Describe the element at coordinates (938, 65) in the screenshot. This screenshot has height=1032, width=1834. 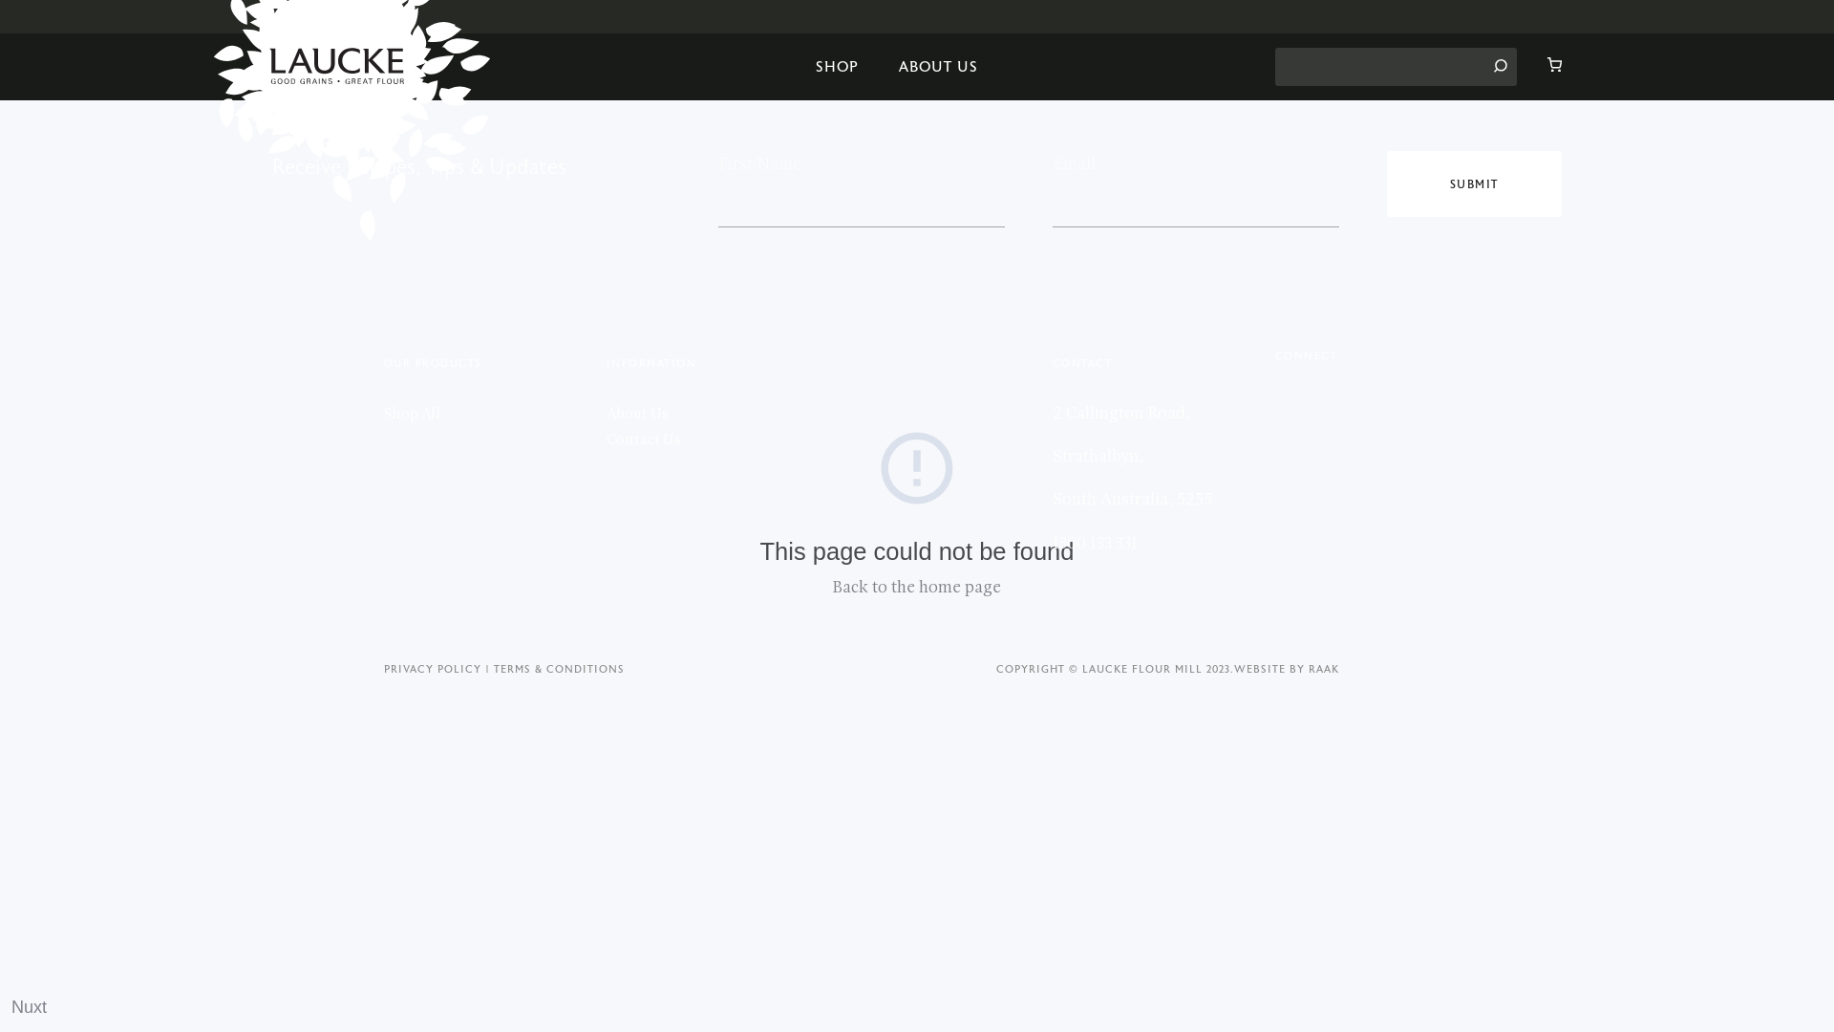
I see `'ABOUT US'` at that location.